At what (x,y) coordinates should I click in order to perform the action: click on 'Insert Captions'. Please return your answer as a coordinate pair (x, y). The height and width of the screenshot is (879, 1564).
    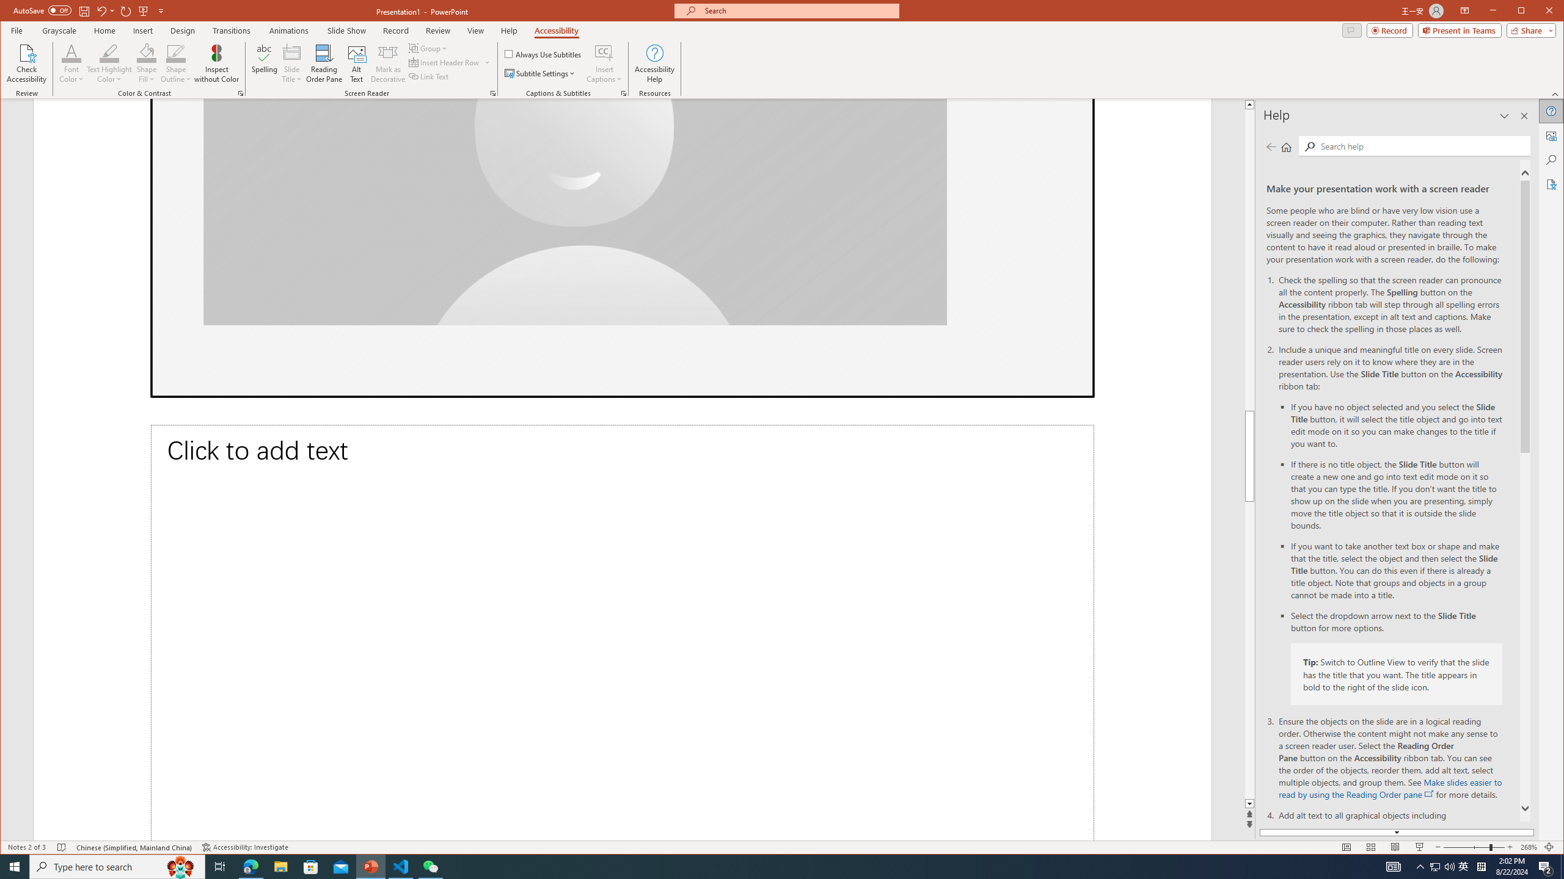
    Looking at the image, I should click on (604, 52).